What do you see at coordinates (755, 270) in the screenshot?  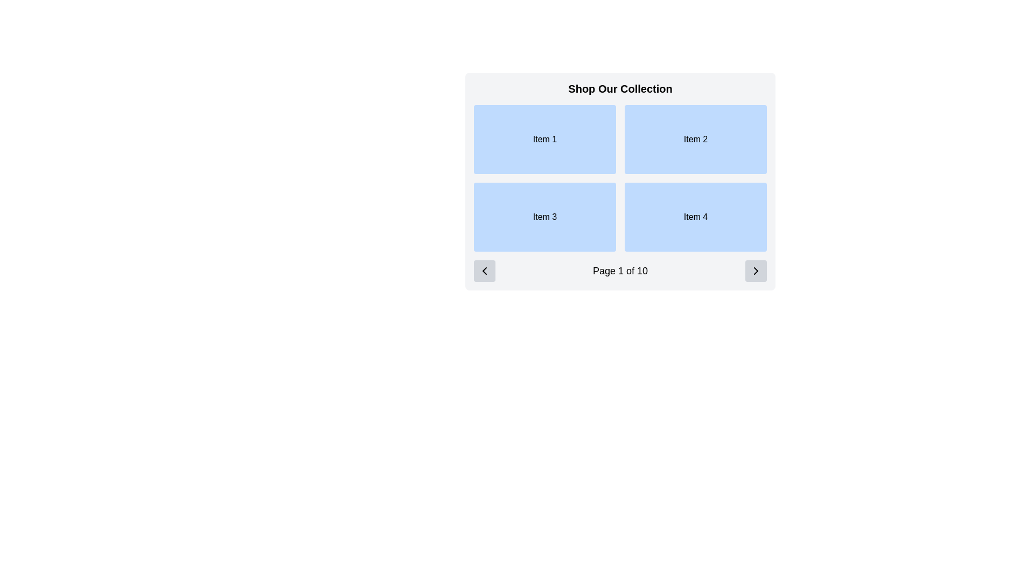 I see `the pagination button located at the far-right side of the section that reads 'Page 1 of 10' for keyboard interaction` at bounding box center [755, 270].